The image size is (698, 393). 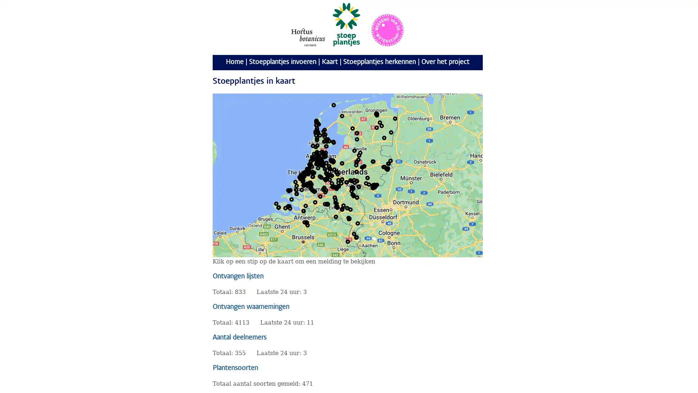 What do you see at coordinates (349, 218) in the screenshot?
I see `Telling van Ton Frenken op 26 juni 2022` at bounding box center [349, 218].